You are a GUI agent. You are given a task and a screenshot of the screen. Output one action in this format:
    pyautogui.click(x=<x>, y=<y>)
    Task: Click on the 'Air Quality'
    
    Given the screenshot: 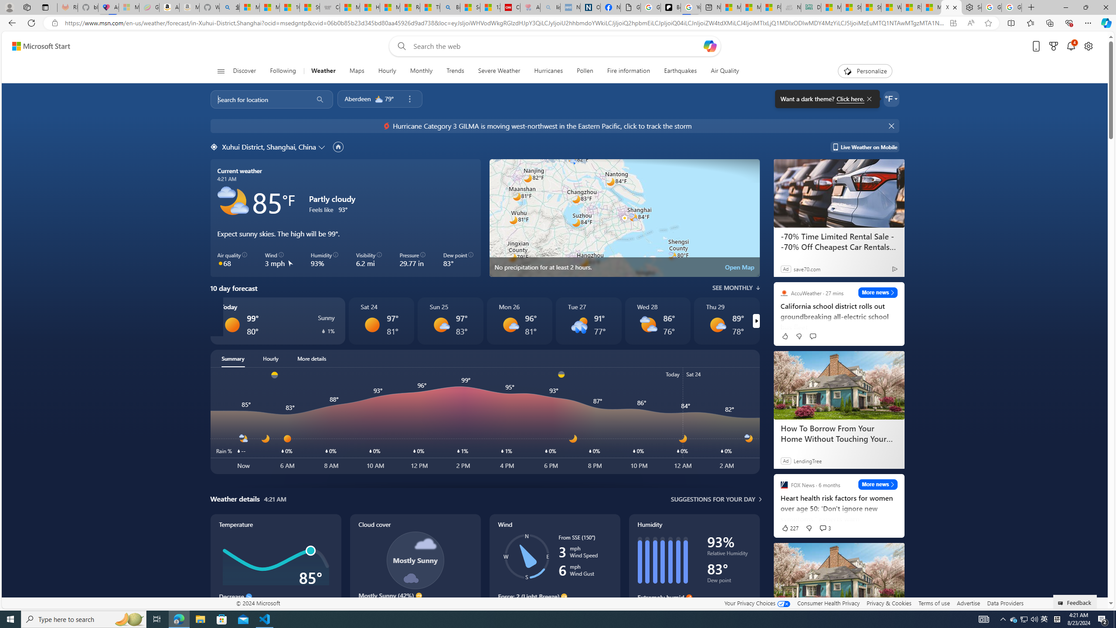 What is the action you would take?
    pyautogui.click(x=725, y=71)
    